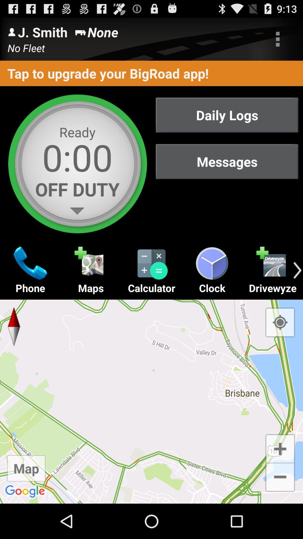  What do you see at coordinates (280, 448) in the screenshot?
I see `map zoom in` at bounding box center [280, 448].